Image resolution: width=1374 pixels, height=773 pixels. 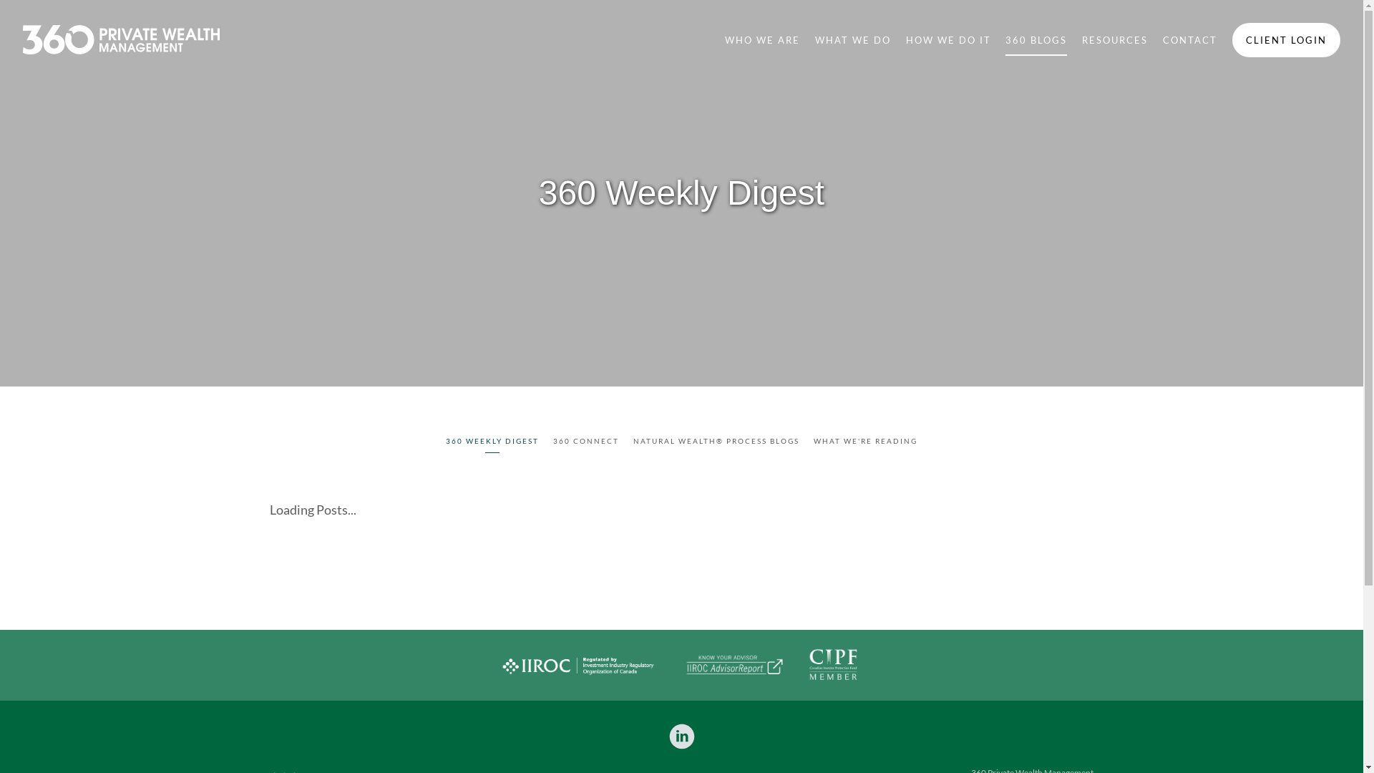 I want to click on '360 WEEKLY DIGEST', so click(x=445, y=442).